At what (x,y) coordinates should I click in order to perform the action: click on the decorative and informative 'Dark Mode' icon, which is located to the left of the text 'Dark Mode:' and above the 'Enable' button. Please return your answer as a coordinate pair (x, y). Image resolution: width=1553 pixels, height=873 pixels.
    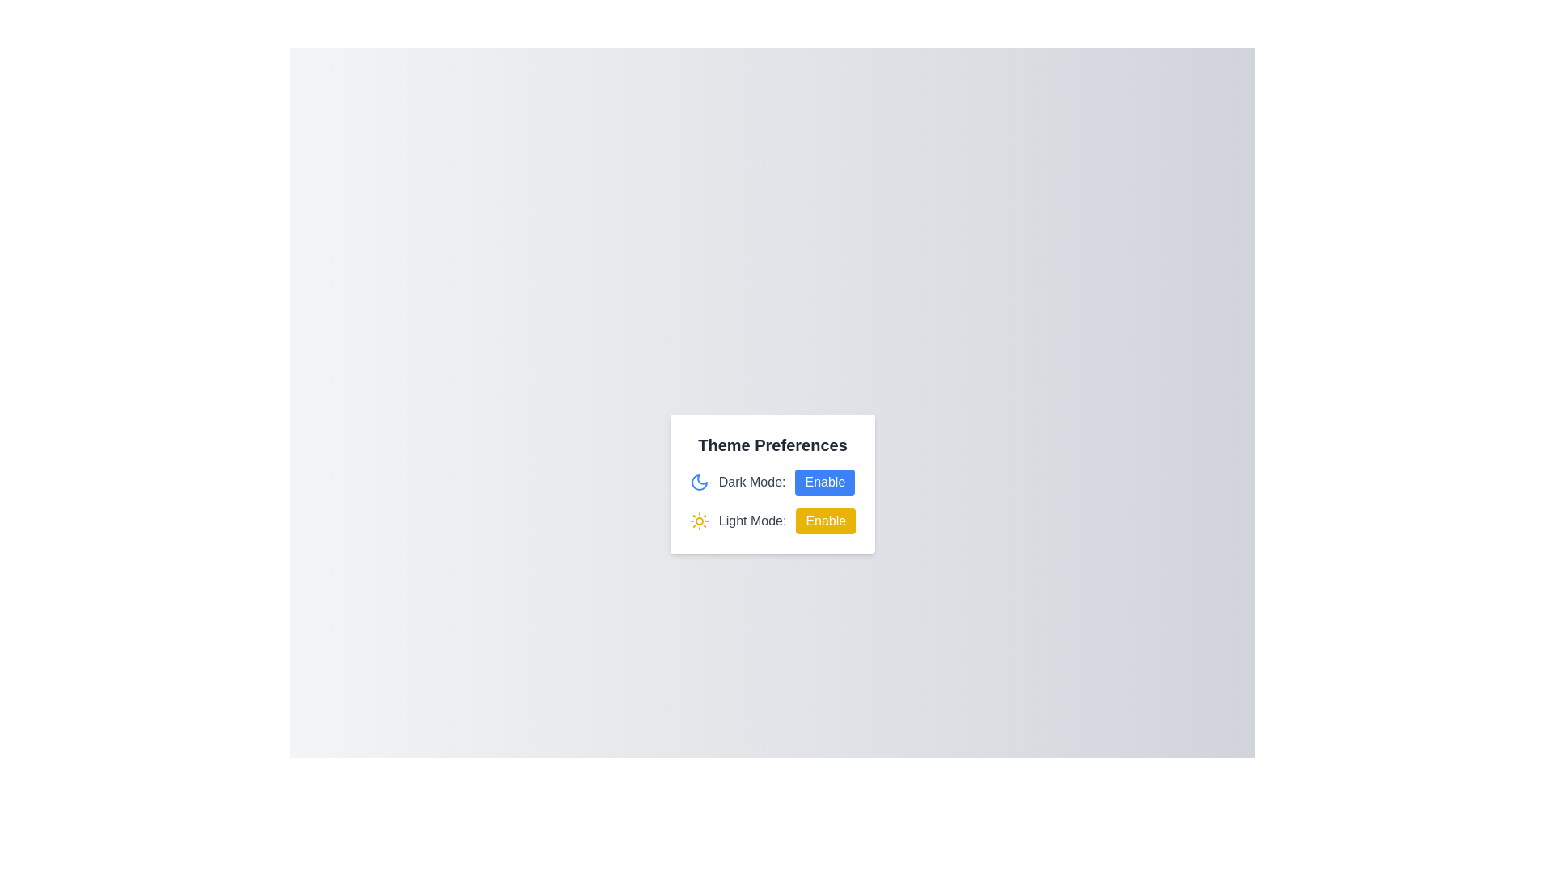
    Looking at the image, I should click on (699, 482).